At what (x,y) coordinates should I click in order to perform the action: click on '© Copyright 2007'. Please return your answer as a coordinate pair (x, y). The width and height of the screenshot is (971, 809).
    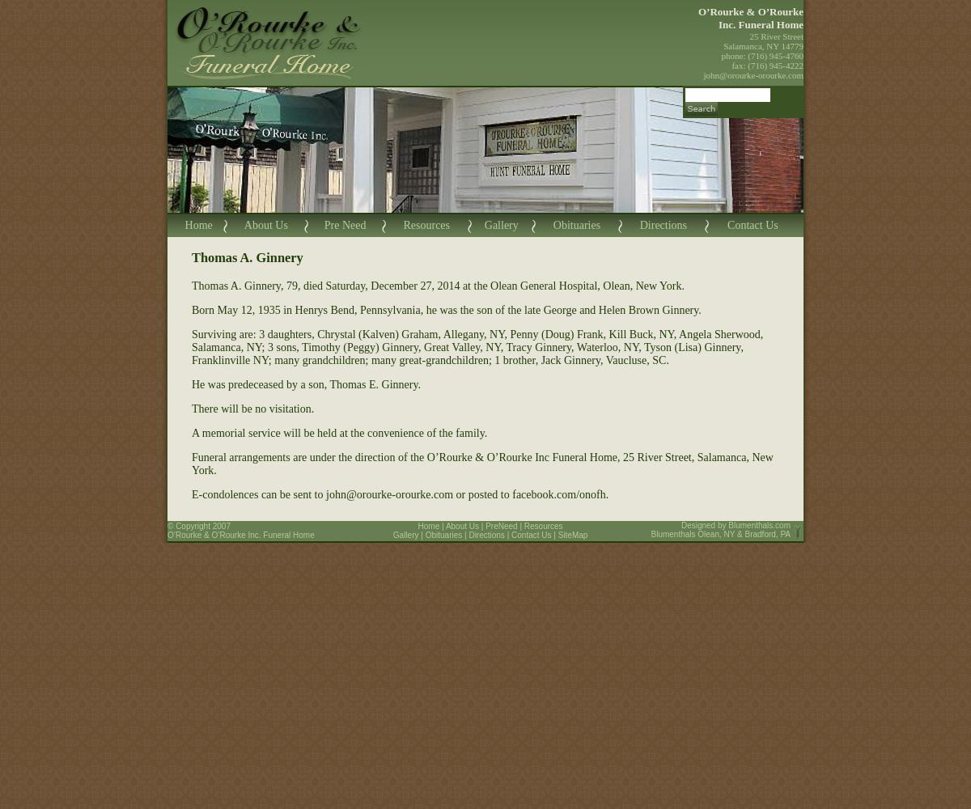
    Looking at the image, I should click on (197, 526).